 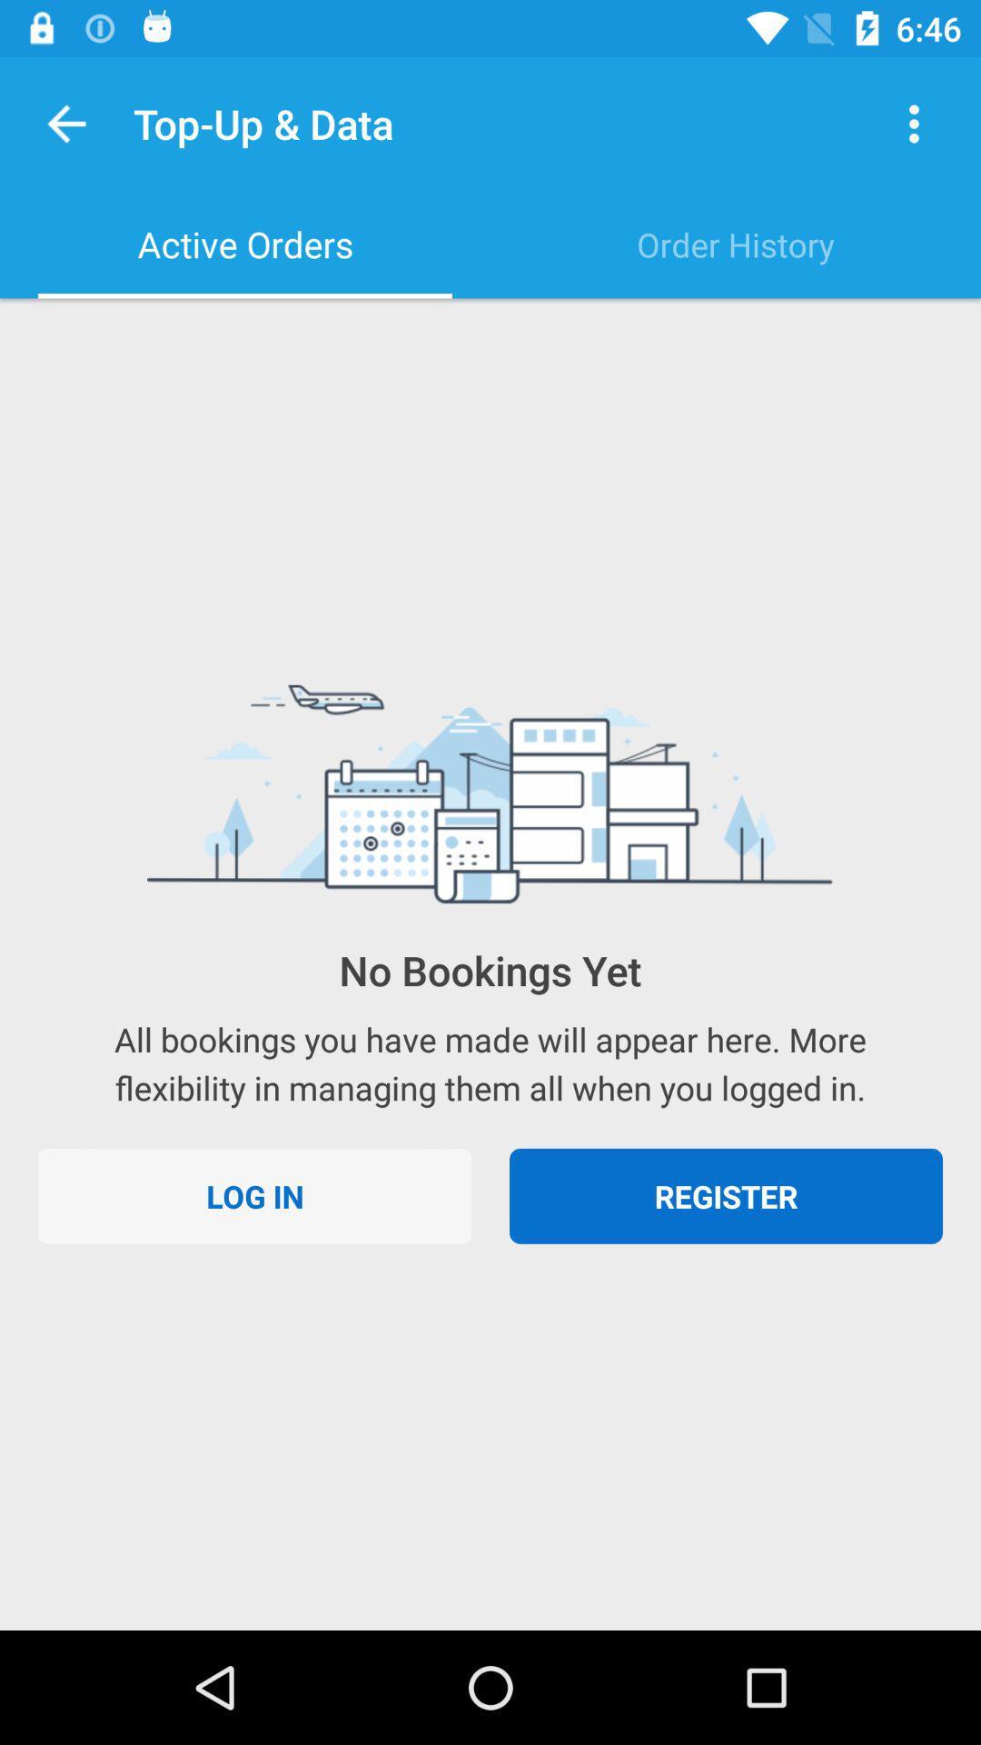 I want to click on log in at the bottom left corner, so click(x=254, y=1196).